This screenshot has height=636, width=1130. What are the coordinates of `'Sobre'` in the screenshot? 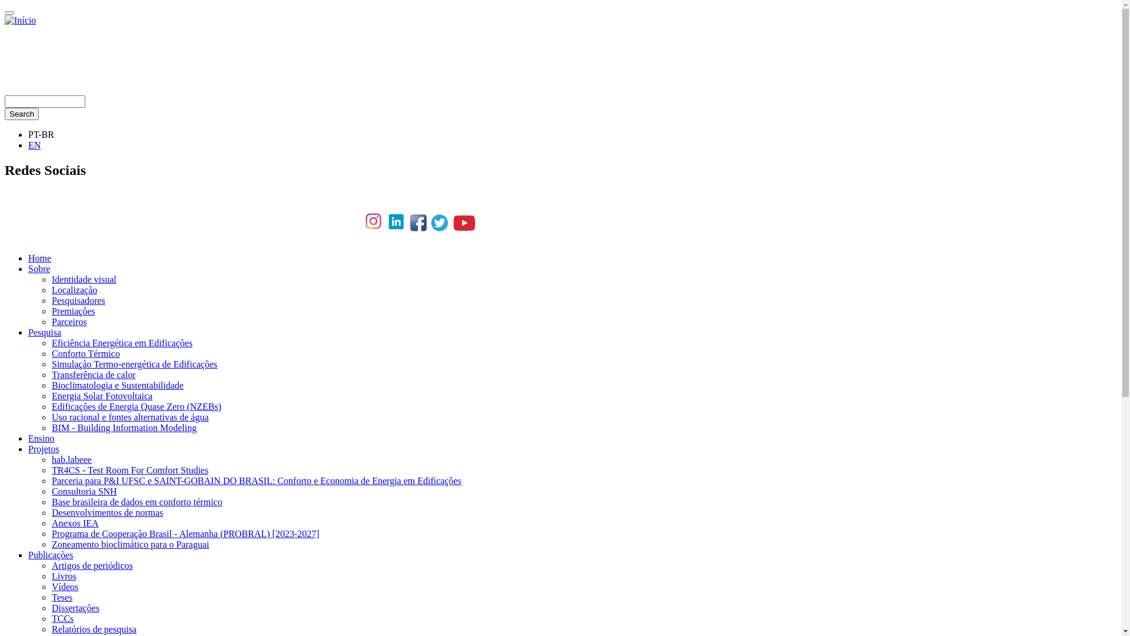 It's located at (28, 269).